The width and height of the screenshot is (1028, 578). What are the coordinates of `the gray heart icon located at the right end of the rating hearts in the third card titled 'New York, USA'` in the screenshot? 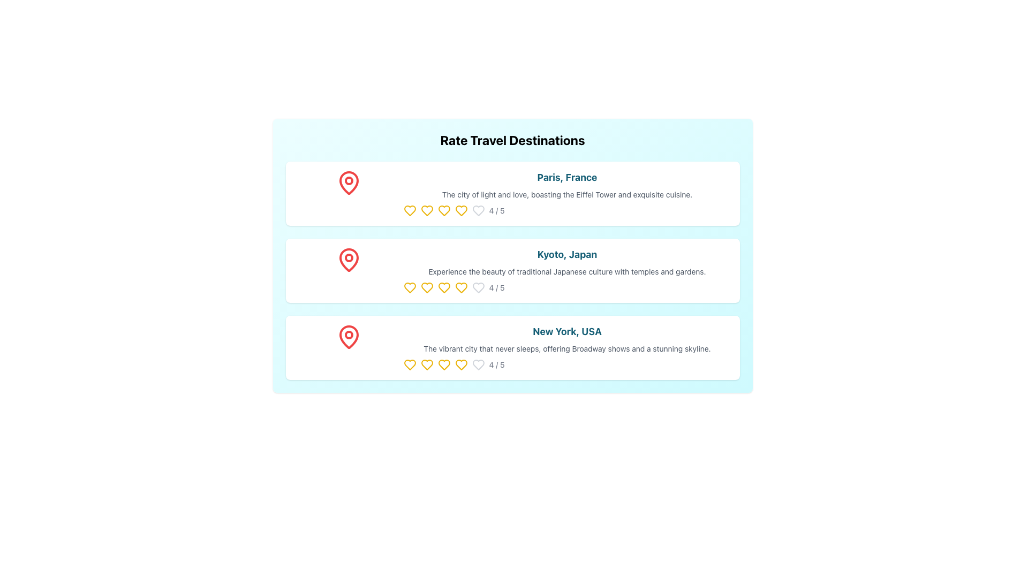 It's located at (478, 364).